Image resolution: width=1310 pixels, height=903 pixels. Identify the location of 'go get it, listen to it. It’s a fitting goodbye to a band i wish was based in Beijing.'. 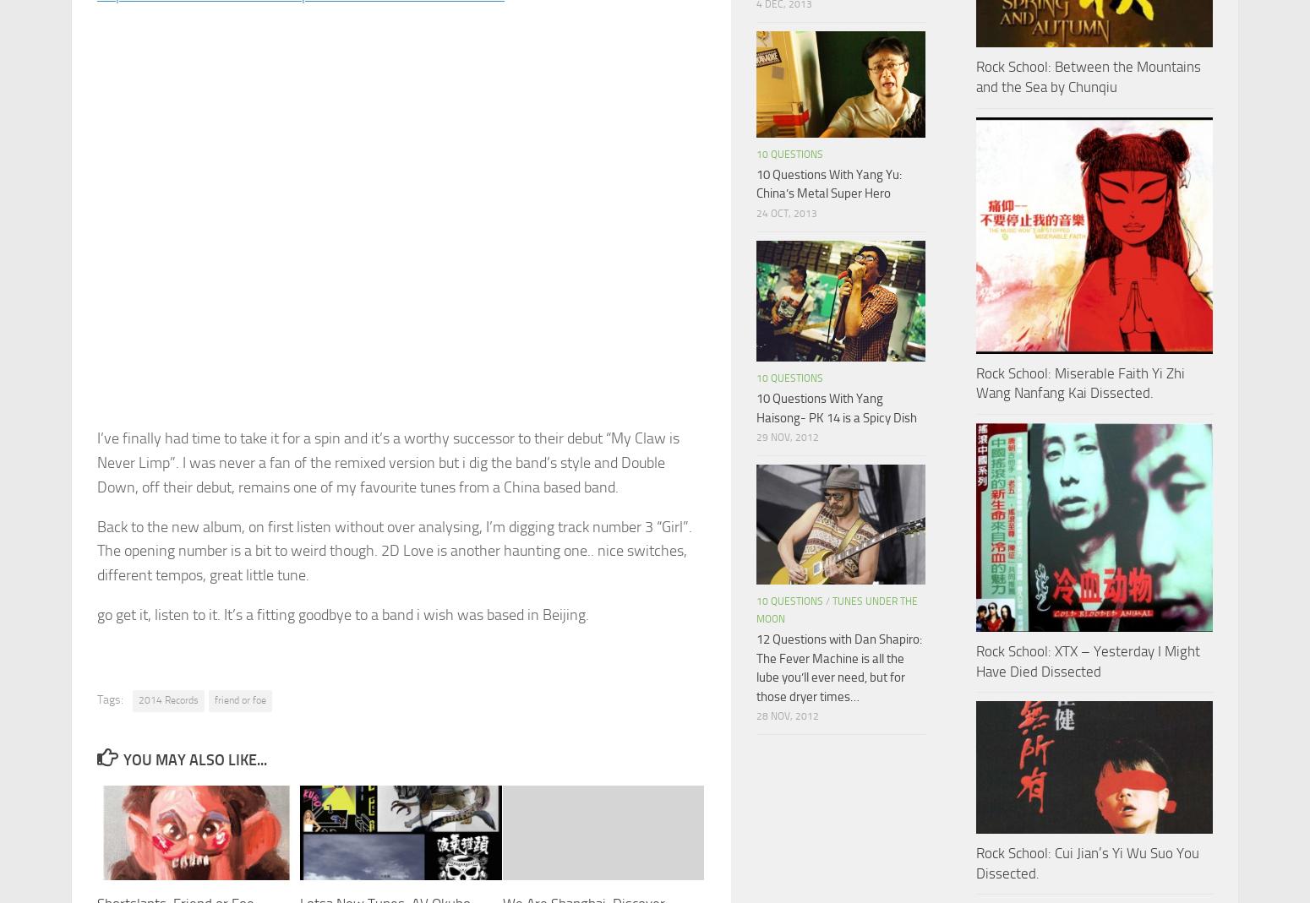
(342, 613).